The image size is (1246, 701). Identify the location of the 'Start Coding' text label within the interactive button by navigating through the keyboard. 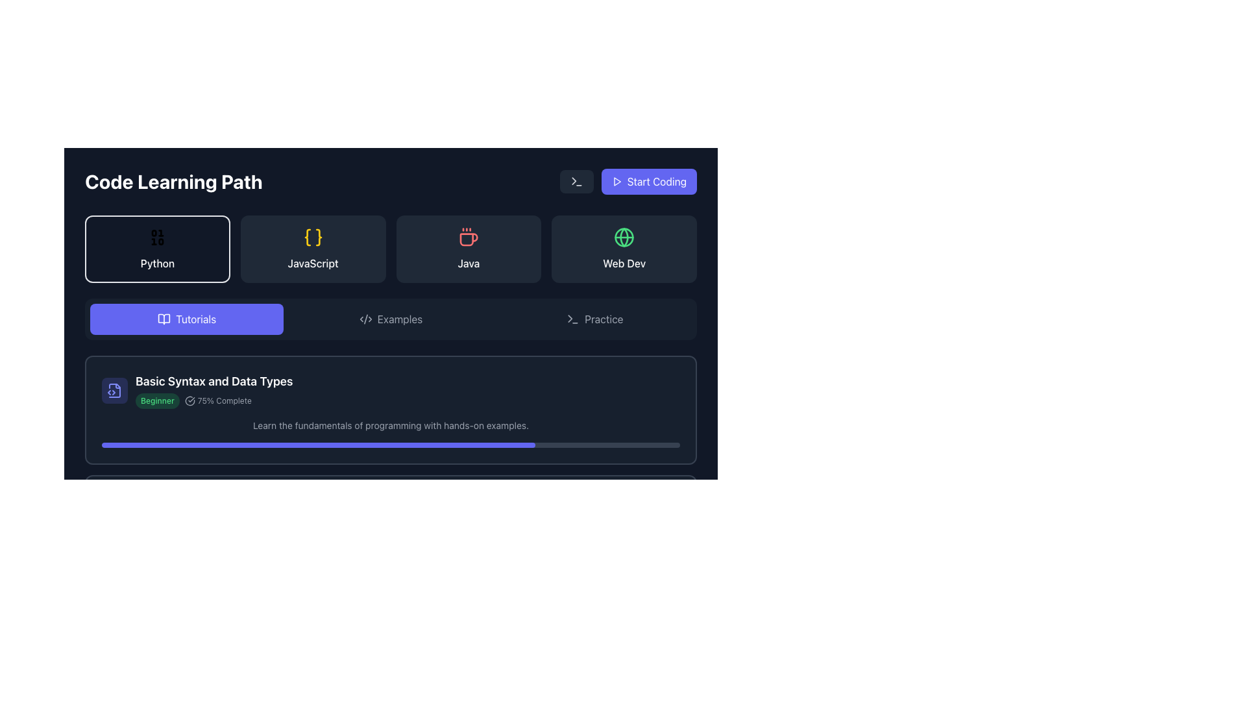
(657, 182).